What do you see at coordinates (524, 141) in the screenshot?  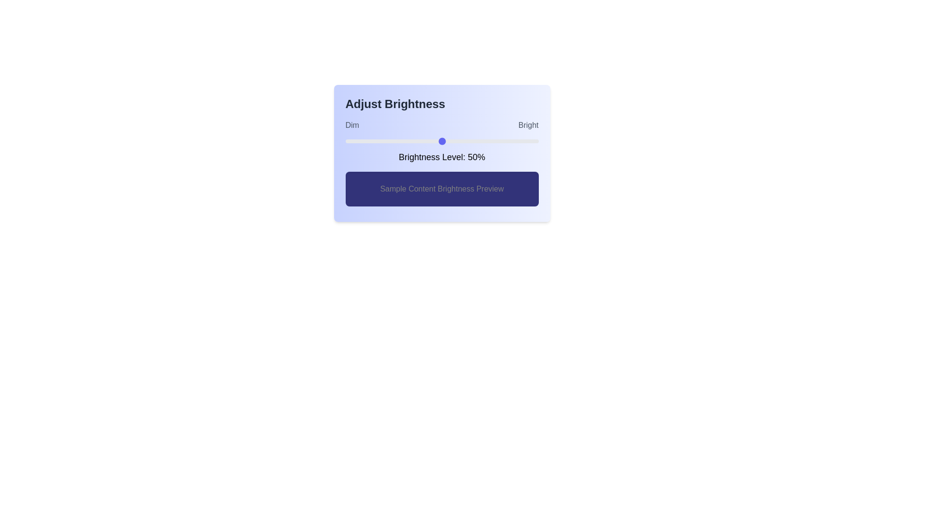 I see `the brightness level to 93% by dragging the slider` at bounding box center [524, 141].